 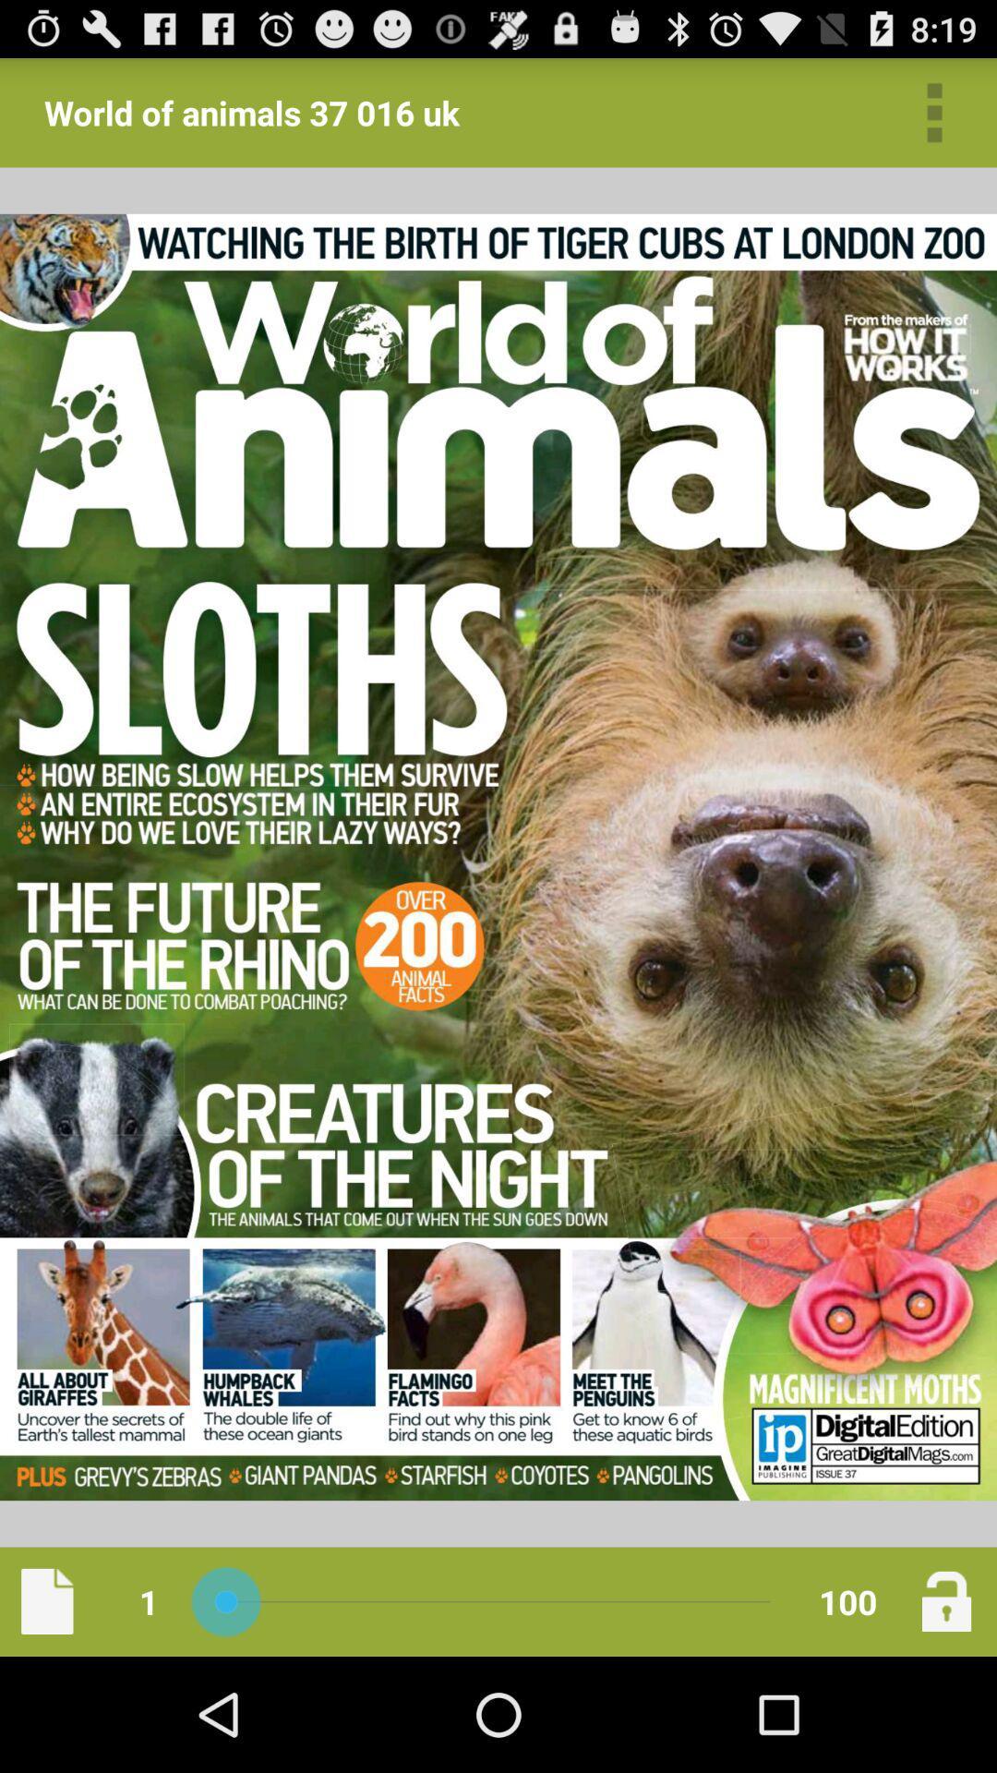 What do you see at coordinates (946, 1713) in the screenshot?
I see `the lock icon` at bounding box center [946, 1713].